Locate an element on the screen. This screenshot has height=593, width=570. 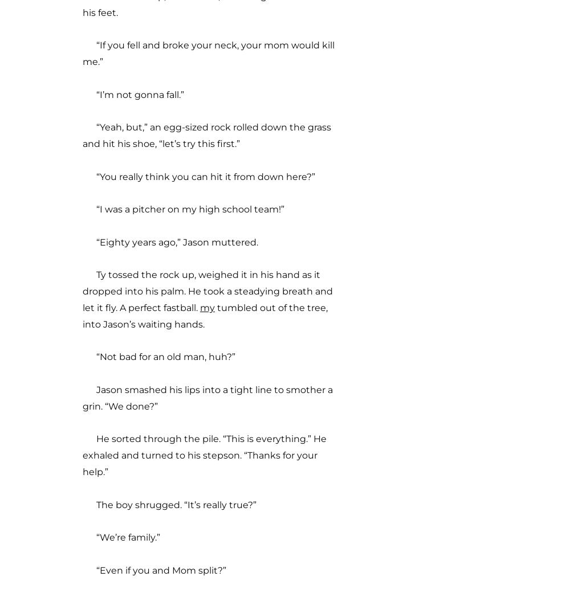
'“Eighty years ago,” Jason muttered.' is located at coordinates (83, 241).